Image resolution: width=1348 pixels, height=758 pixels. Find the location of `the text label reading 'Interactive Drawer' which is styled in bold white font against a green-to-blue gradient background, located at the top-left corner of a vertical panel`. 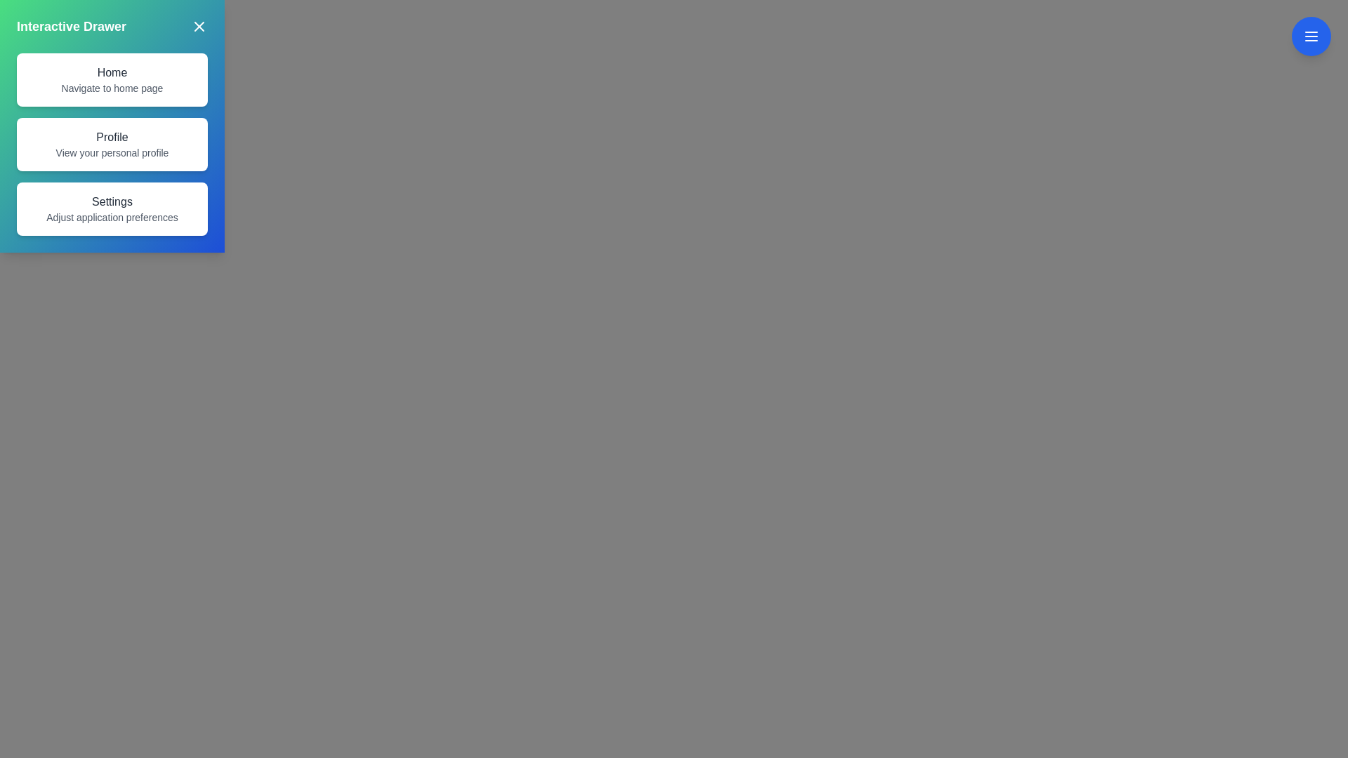

the text label reading 'Interactive Drawer' which is styled in bold white font against a green-to-blue gradient background, located at the top-left corner of a vertical panel is located at coordinates (70, 27).